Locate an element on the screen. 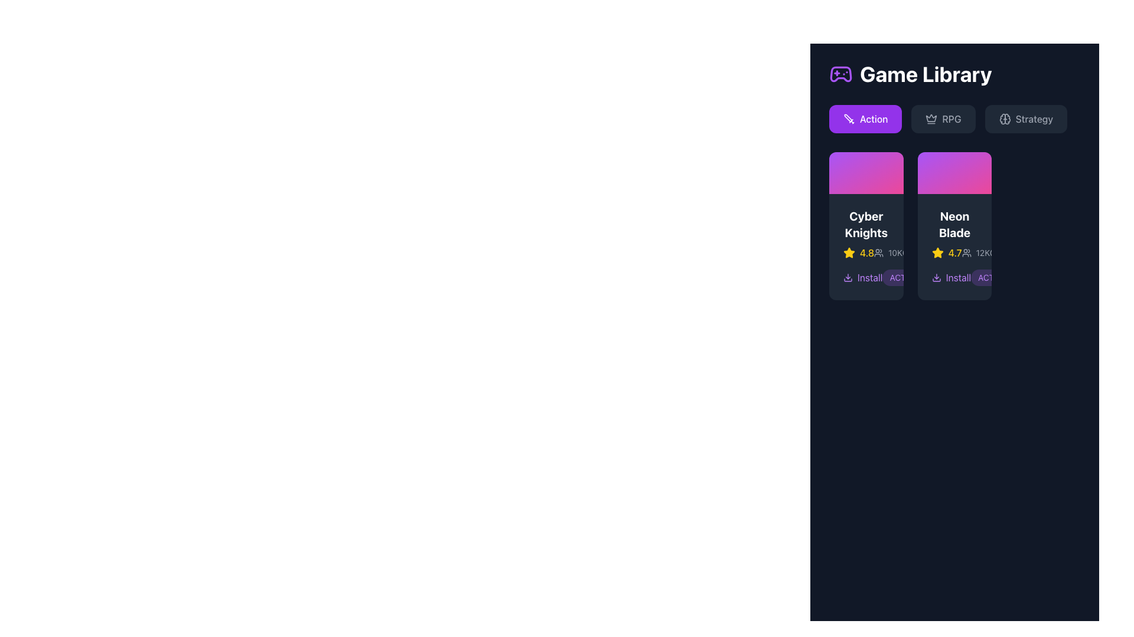  the third button in the horizontal row of category buttons is located at coordinates (1025, 119).